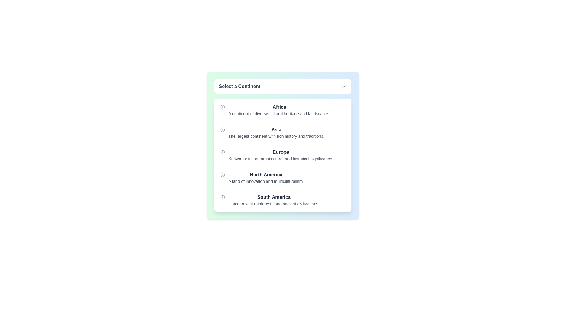  Describe the element at coordinates (222, 107) in the screenshot. I see `the circular graphical icon element with a stroke color matching the text-gray-400 style, located just before the text 'Africa' in the interface` at that location.